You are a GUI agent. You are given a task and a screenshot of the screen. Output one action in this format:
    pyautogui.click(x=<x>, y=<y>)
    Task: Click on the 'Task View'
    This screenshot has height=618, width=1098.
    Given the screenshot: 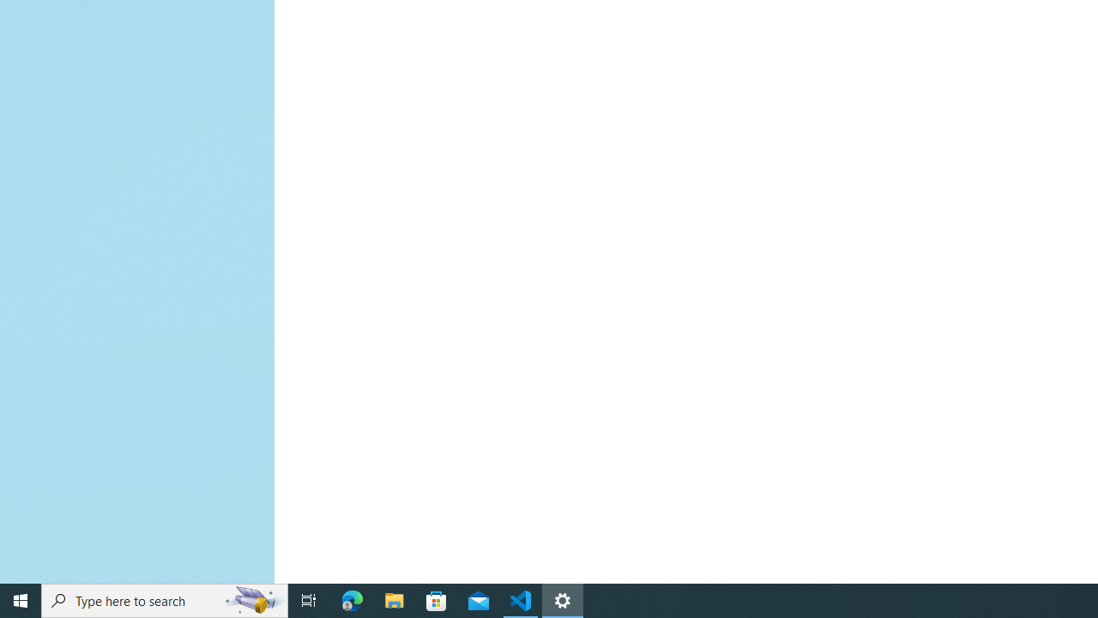 What is the action you would take?
    pyautogui.click(x=308, y=599)
    